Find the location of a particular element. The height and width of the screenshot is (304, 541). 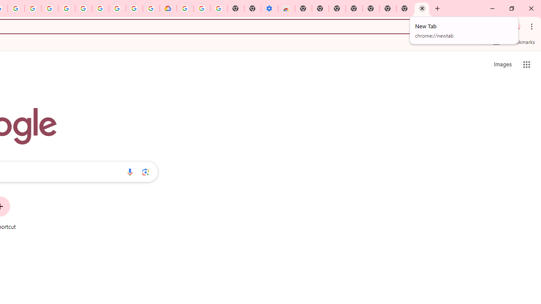

'Browse the Google Chrome Community - Google Chrome Community' is located at coordinates (151, 8).